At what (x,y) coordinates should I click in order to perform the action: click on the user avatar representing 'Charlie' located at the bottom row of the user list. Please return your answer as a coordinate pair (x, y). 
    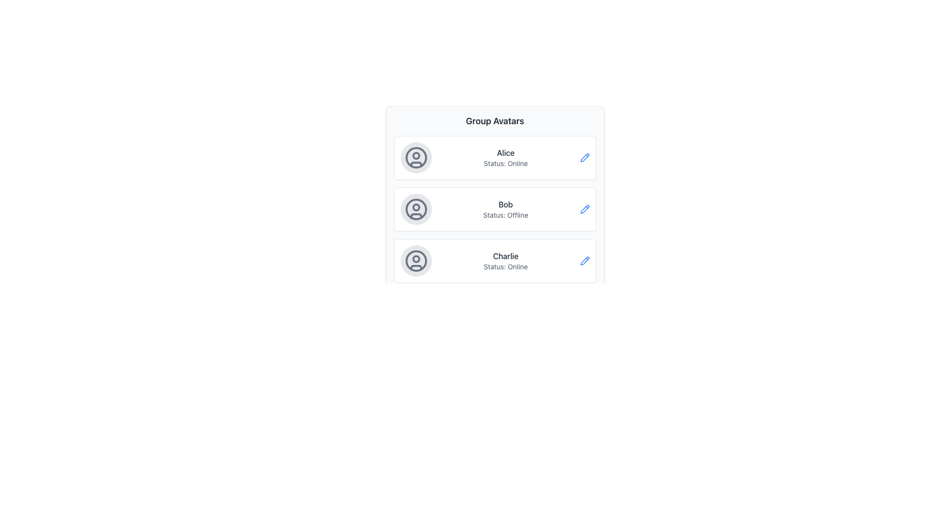
    Looking at the image, I should click on (416, 261).